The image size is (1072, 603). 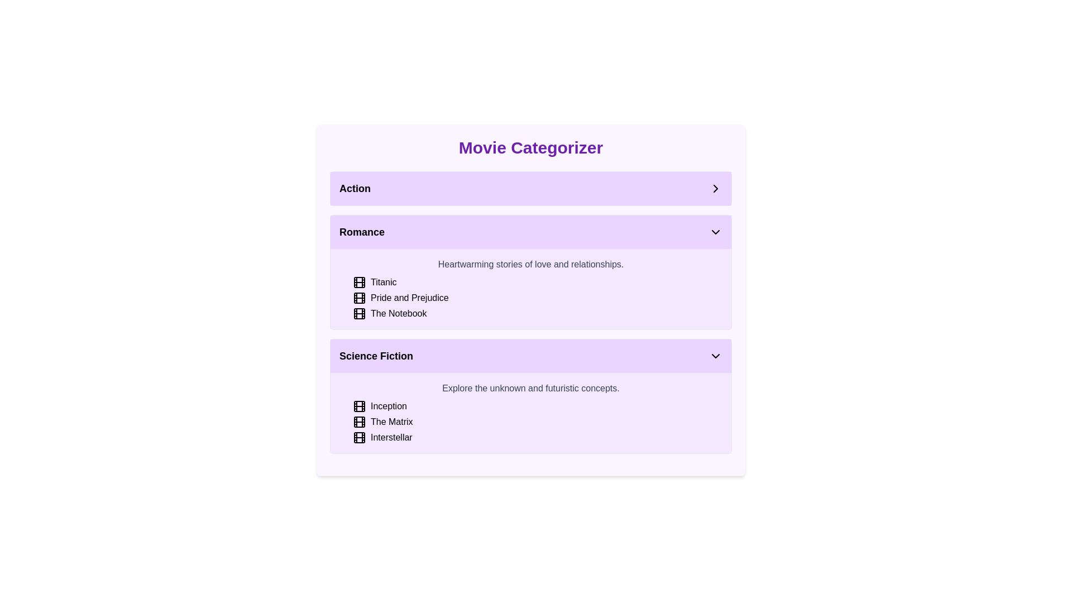 I want to click on the film reel icon styled in black with intersecting lines, located in the 'Romance' section, next to the text 'Titanic', so click(x=359, y=281).